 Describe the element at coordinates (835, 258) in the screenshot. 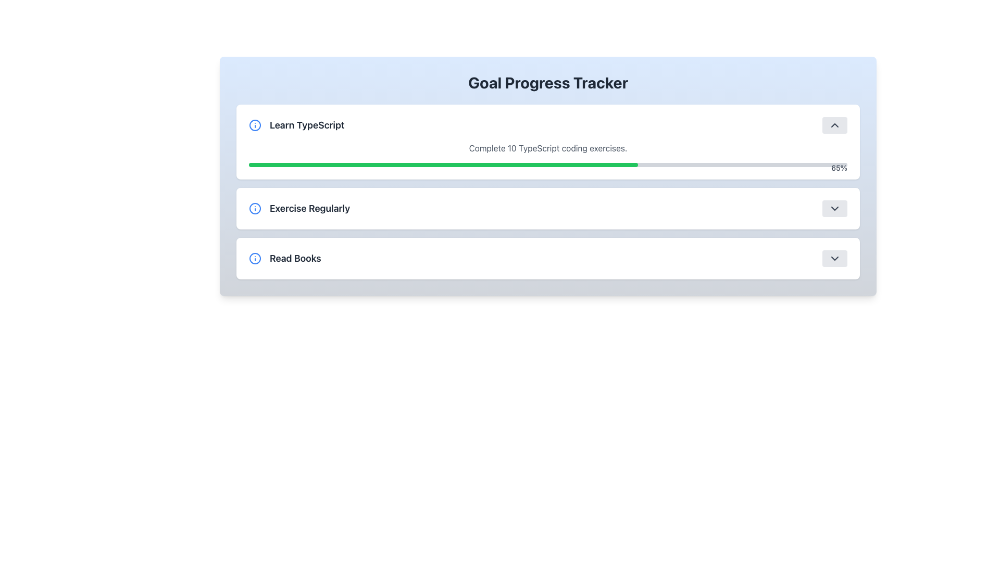

I see `the gray rectangular button with a rounded design and a downward-pointing chevron icon at its center` at that location.